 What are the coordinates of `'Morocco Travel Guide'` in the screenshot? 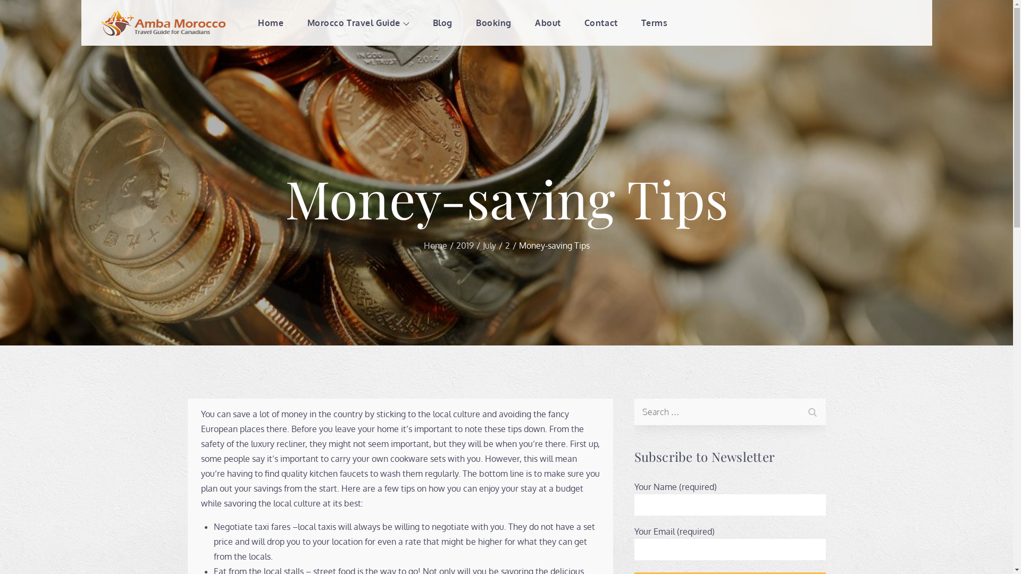 It's located at (296, 22).